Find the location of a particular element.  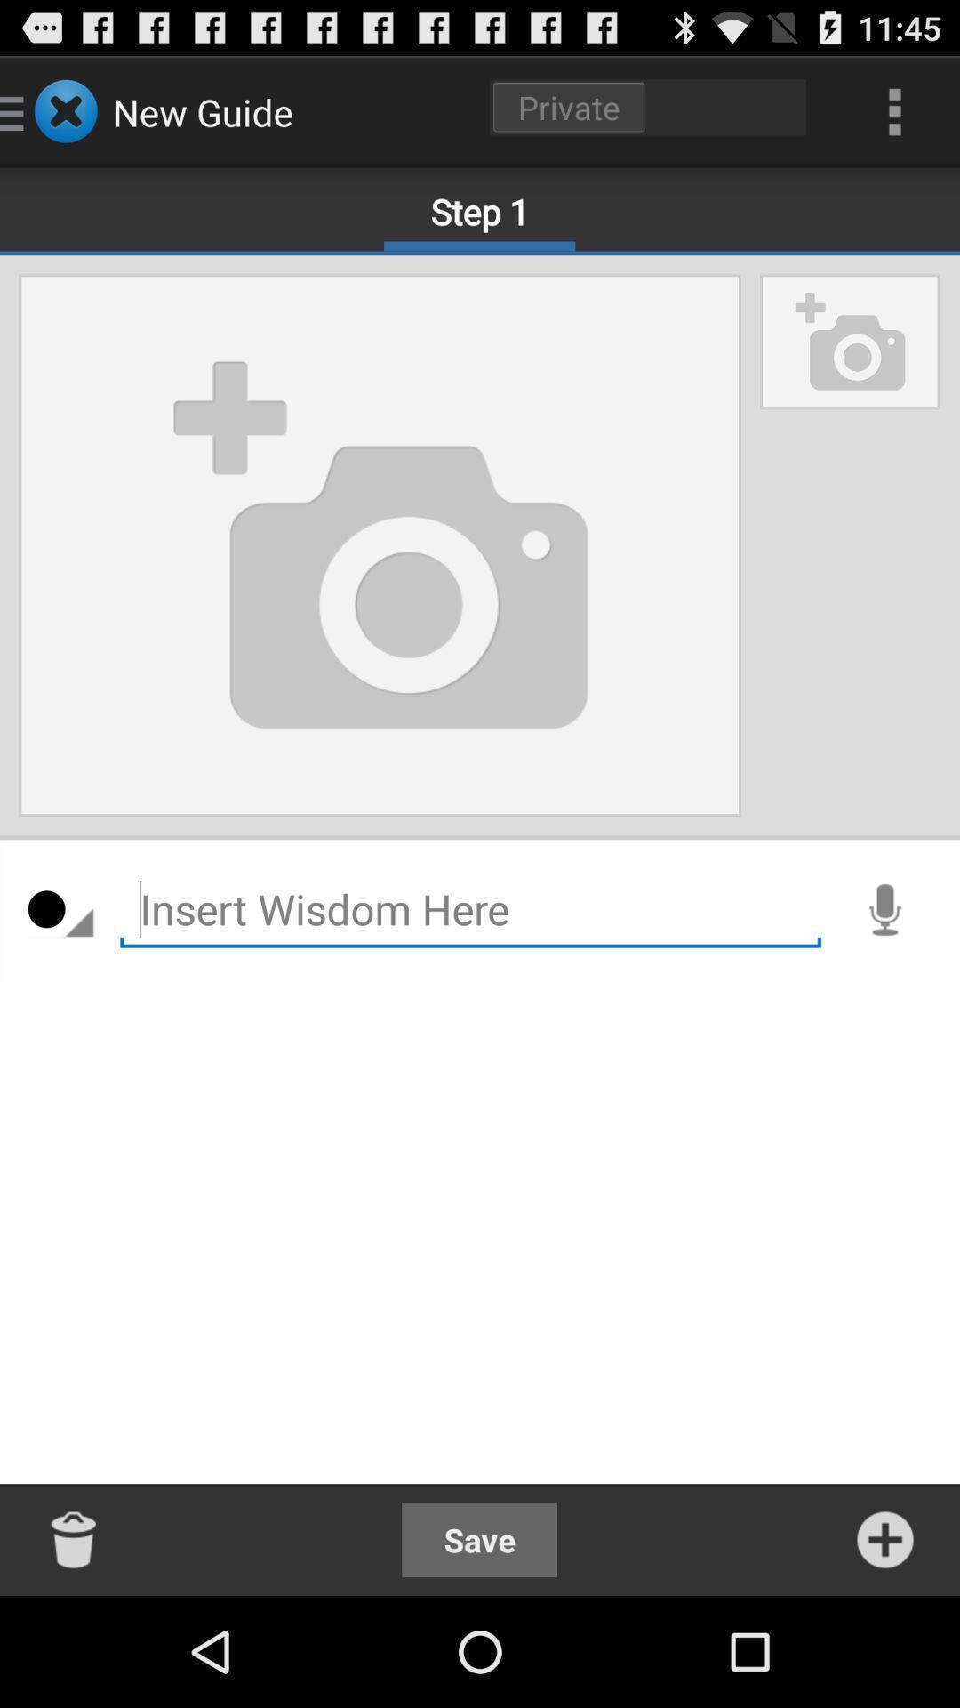

insert caption is located at coordinates (469, 909).